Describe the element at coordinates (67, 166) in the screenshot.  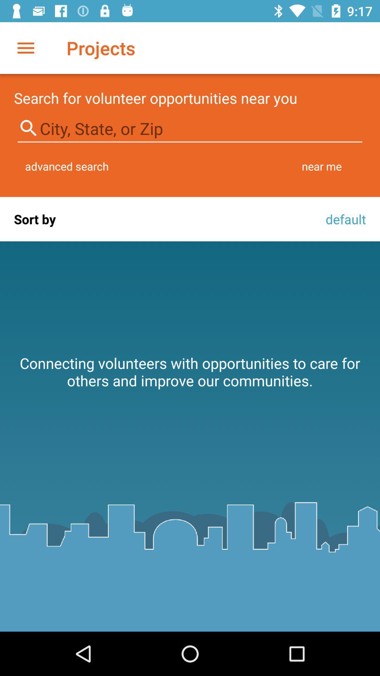
I see `item above the sort by icon` at that location.